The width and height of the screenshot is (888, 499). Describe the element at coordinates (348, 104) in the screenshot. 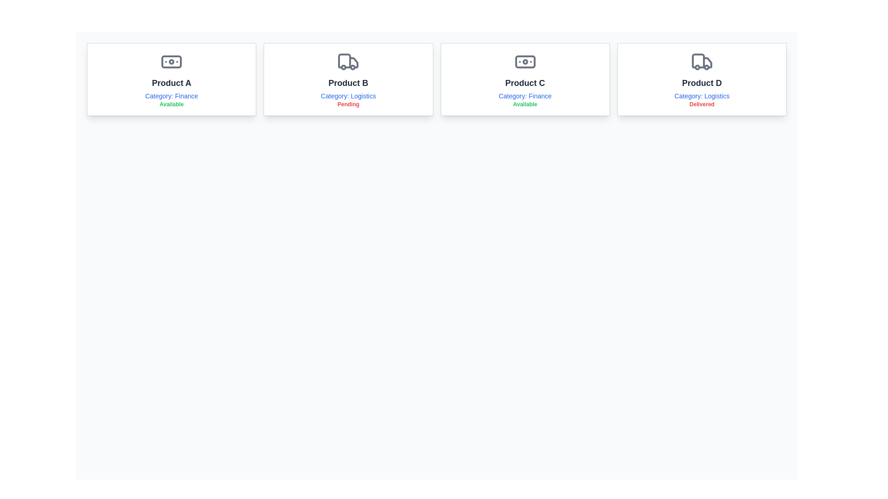

I see `the text label indicating the status of 'Product B' as 'Pending', located at the bottom section of the card below the category information 'Category: Logistics'` at that location.